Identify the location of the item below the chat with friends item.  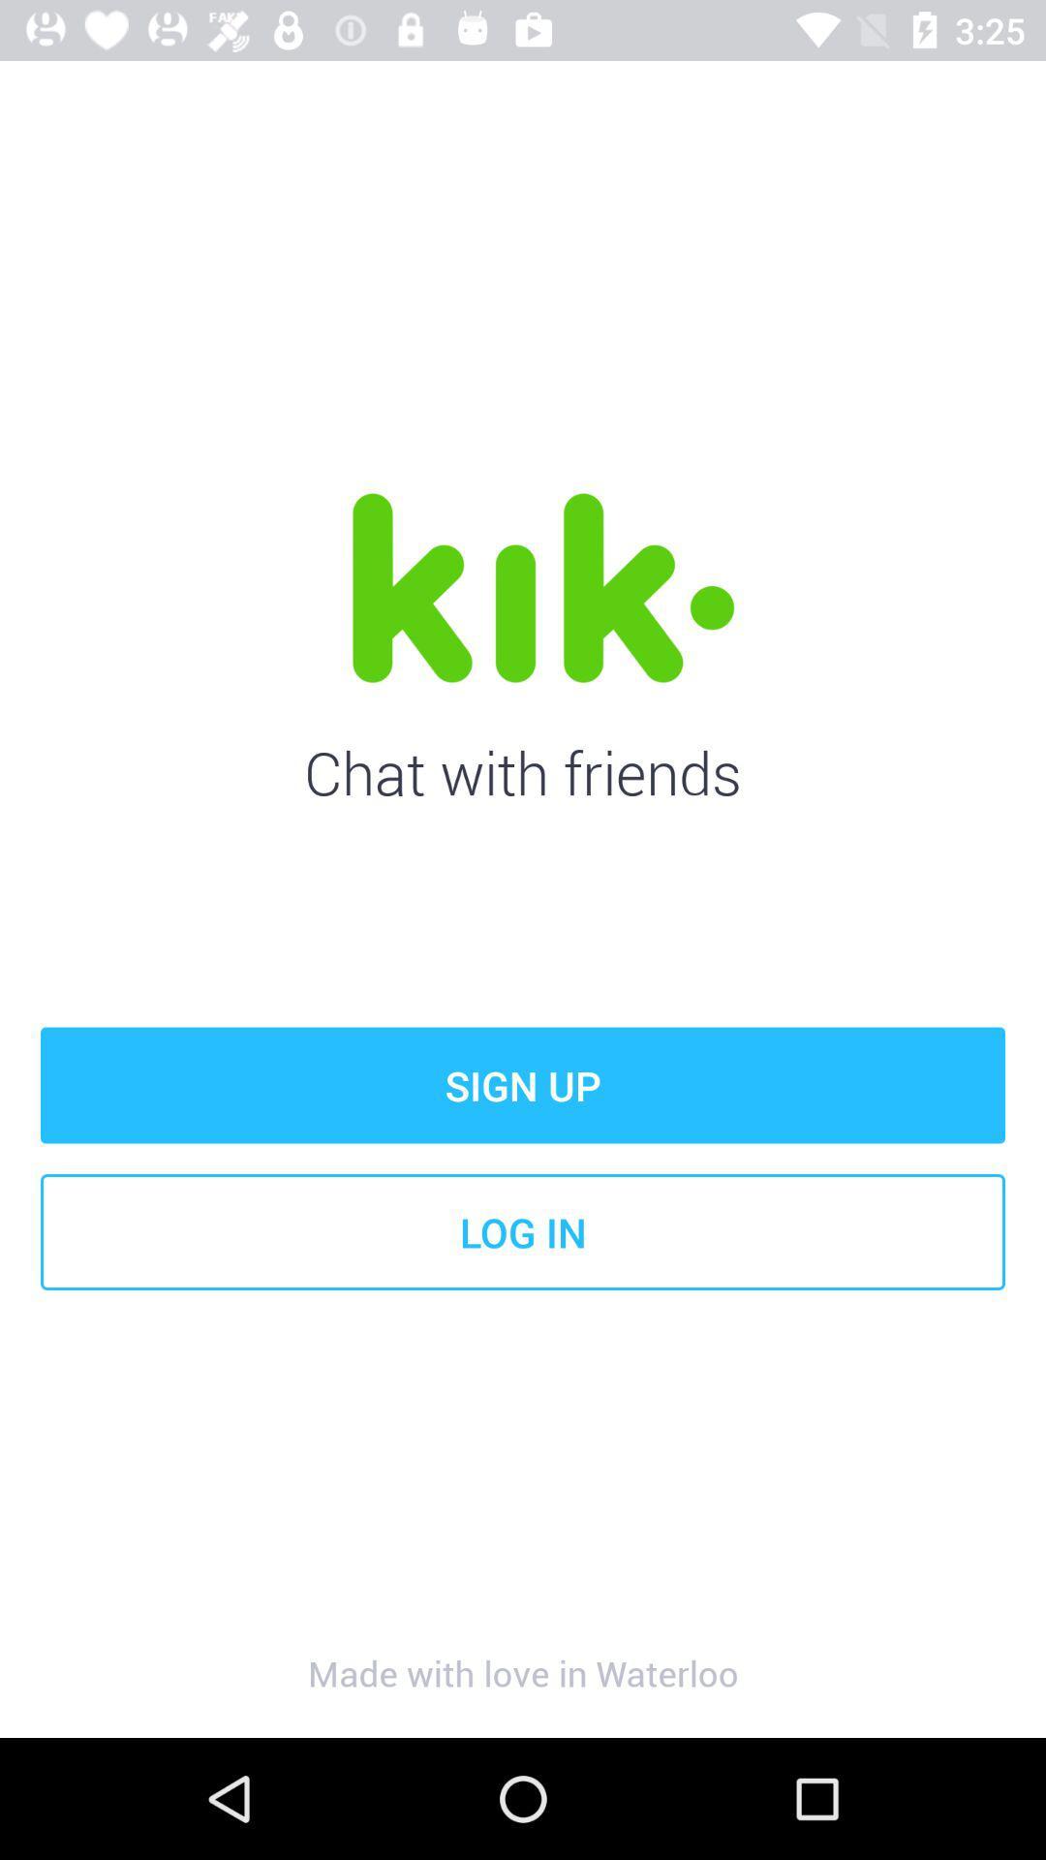
(523, 1085).